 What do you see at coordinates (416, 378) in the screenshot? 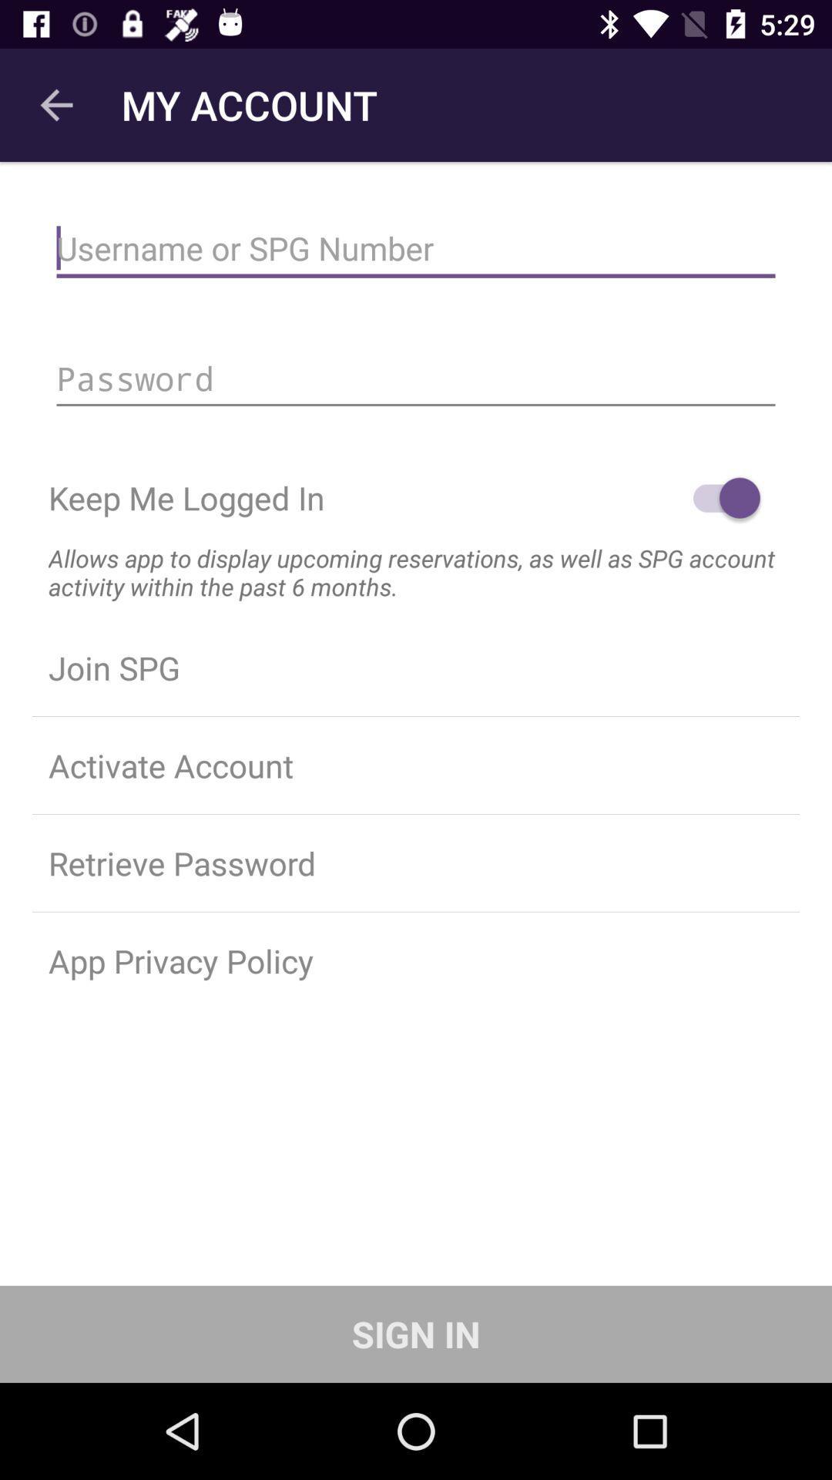
I see `login with password` at bounding box center [416, 378].